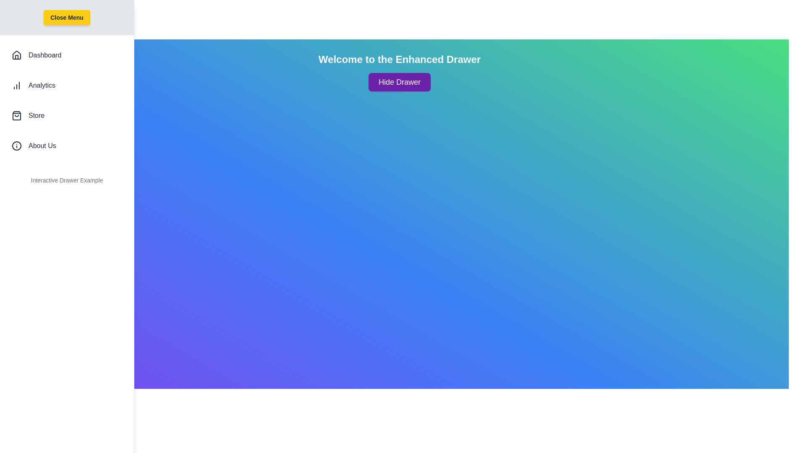 The image size is (806, 453). I want to click on the 'About Us' list item in the drawer to navigate to the corresponding section, so click(66, 145).